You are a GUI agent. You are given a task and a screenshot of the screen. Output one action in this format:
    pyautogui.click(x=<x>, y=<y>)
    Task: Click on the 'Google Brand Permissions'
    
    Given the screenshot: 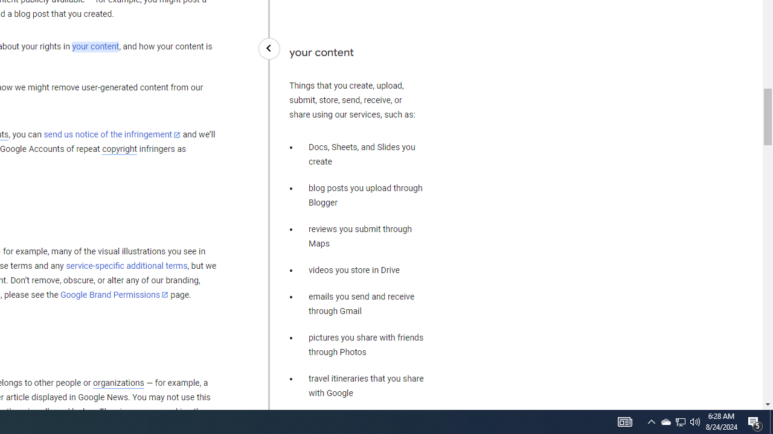 What is the action you would take?
    pyautogui.click(x=114, y=295)
    